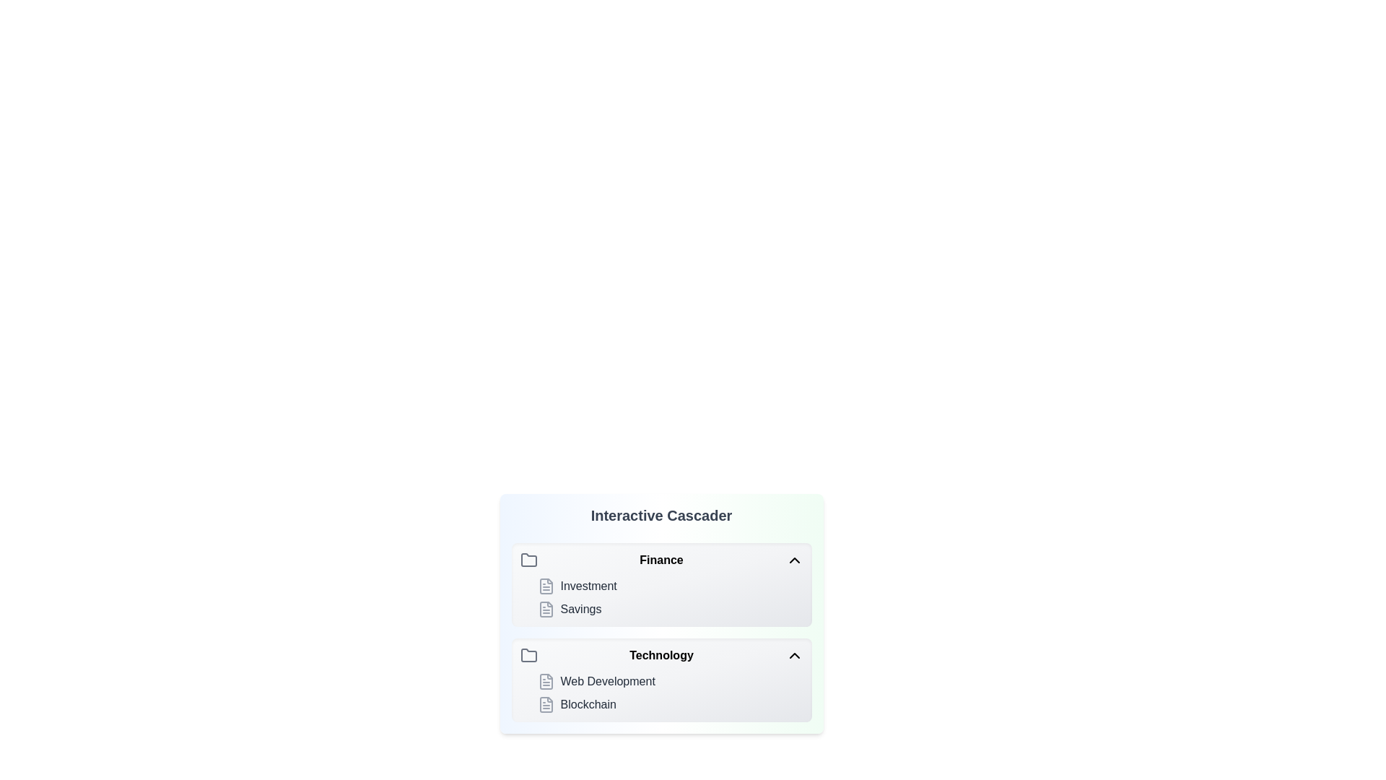  Describe the element at coordinates (661, 655) in the screenshot. I see `the collapsible header for the 'Technology' section` at that location.